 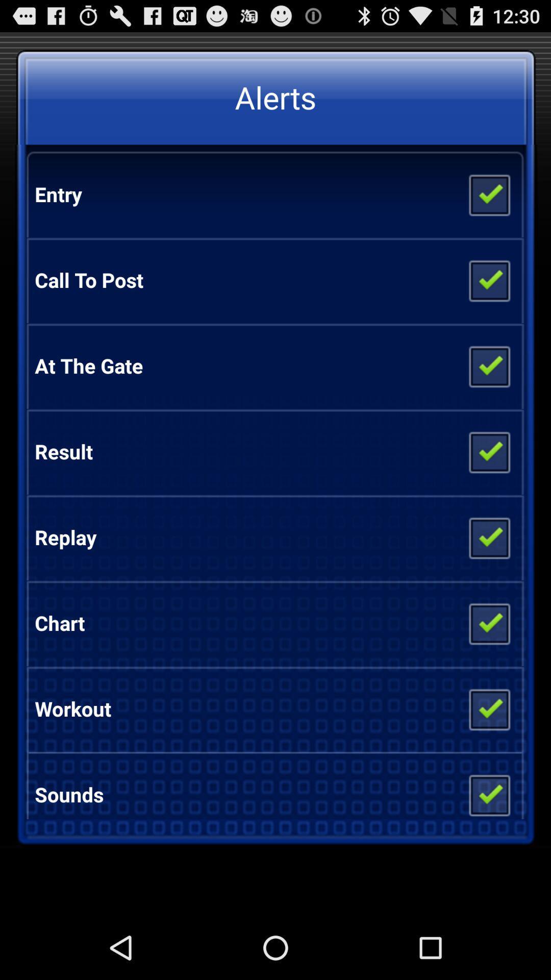 What do you see at coordinates (488, 365) in the screenshot?
I see `the item next to the at the gate icon` at bounding box center [488, 365].